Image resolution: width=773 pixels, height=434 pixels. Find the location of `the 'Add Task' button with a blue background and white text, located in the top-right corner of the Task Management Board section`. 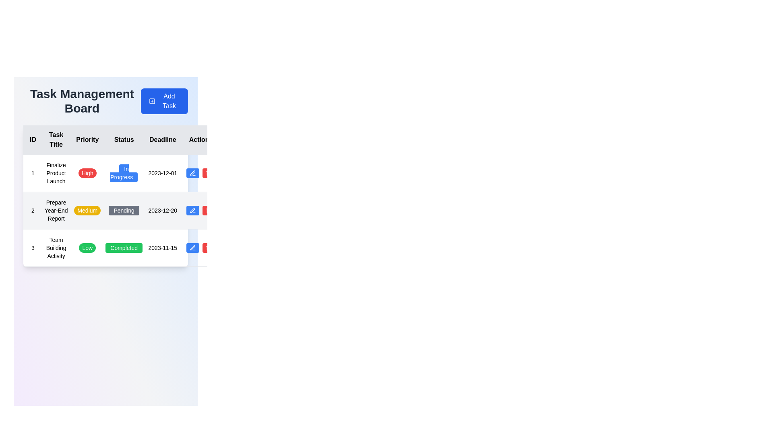

the 'Add Task' button with a blue background and white text, located in the top-right corner of the Task Management Board section is located at coordinates (164, 100).